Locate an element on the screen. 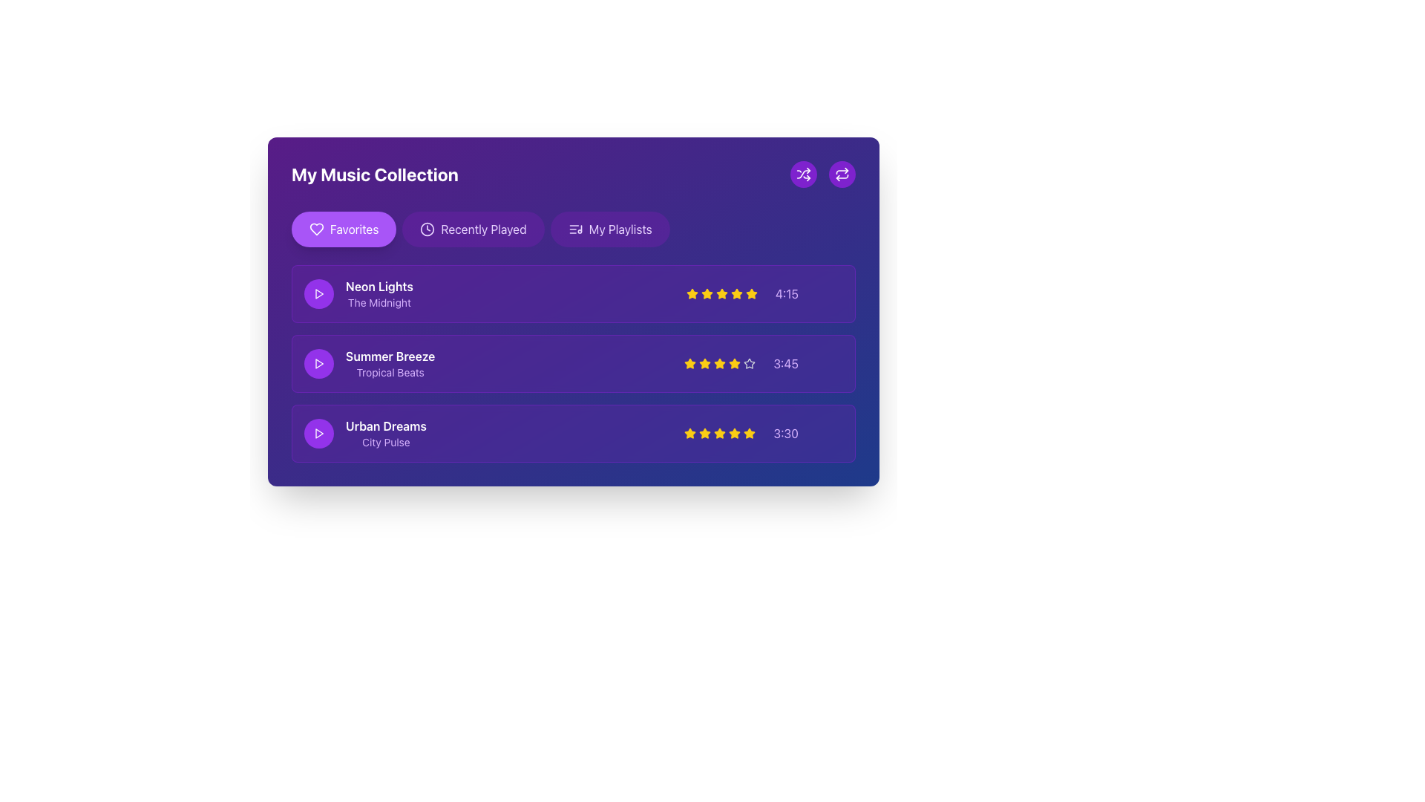 The height and width of the screenshot is (802, 1425). the SVG-based play icon, which serves as the play button for the 'Summer Breeze' playlist item, to provide visual feedback is located at coordinates (318, 294).